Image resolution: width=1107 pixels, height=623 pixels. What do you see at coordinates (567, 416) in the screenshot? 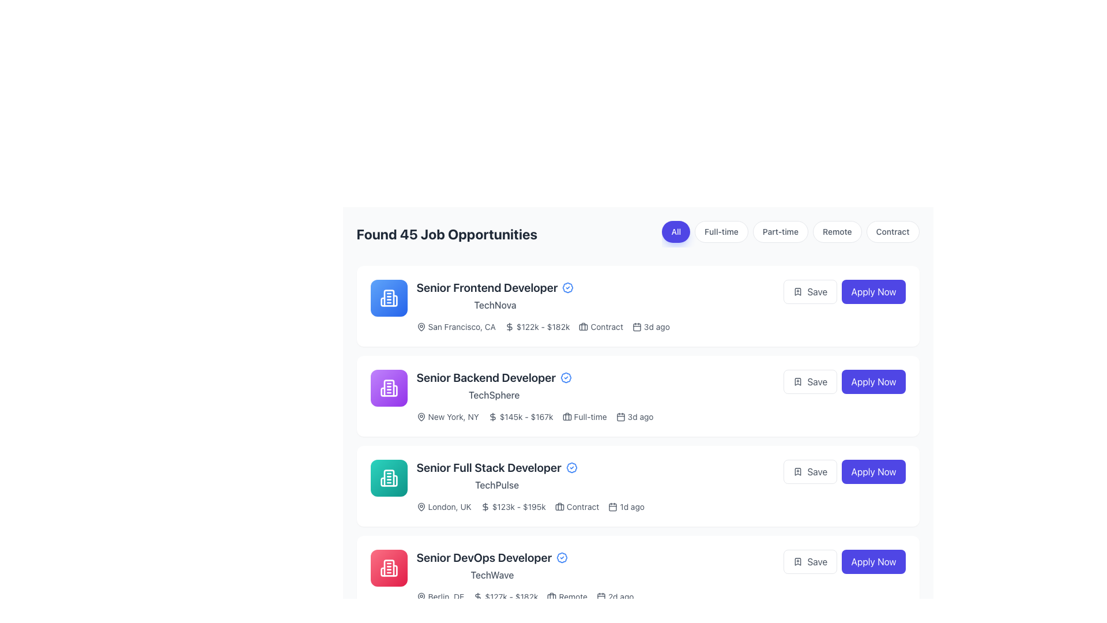
I see `the employment icon associated with the 'Senior Backend Developer' job listing, located to the left of the 'Full-time' label` at bounding box center [567, 416].